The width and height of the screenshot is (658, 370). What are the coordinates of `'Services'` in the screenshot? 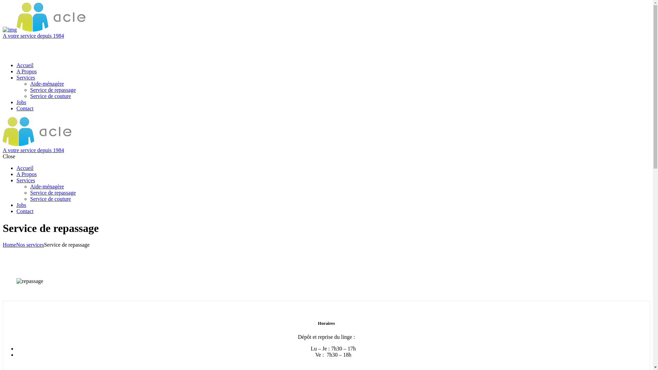 It's located at (26, 180).